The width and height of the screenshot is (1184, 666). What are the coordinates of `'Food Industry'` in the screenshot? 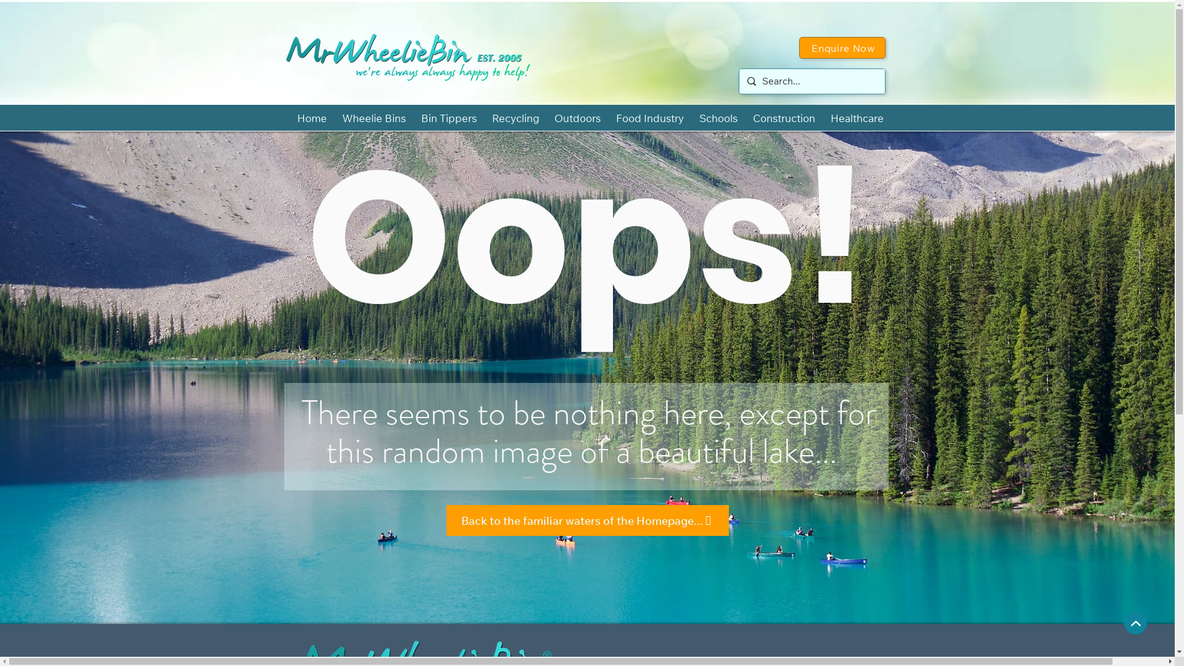 It's located at (649, 118).